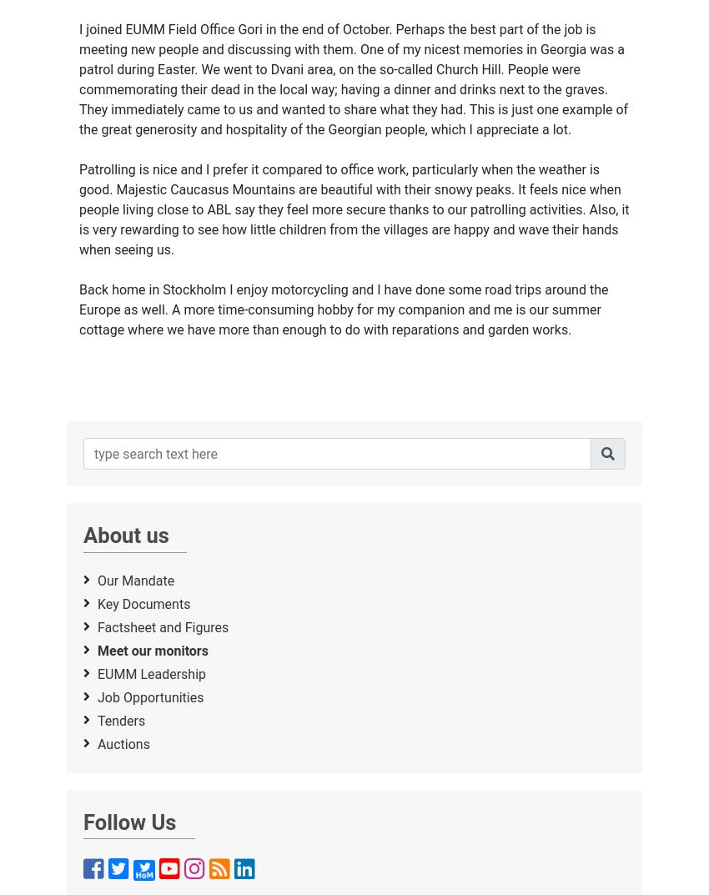  I want to click on 'Patrolling is nice and I prefer it compared to office work, 
particularly when the weather is good. Majestic Caucasus Mountains are 
beautiful with their snowy peaks. It feels nice when people living close
 to ABL say they feel more secure thanks to our patrolling activities. 
Also, it is very rewarding to see how little children from the villages 
are happy and wave their hands when seeing us.', so click(354, 209).